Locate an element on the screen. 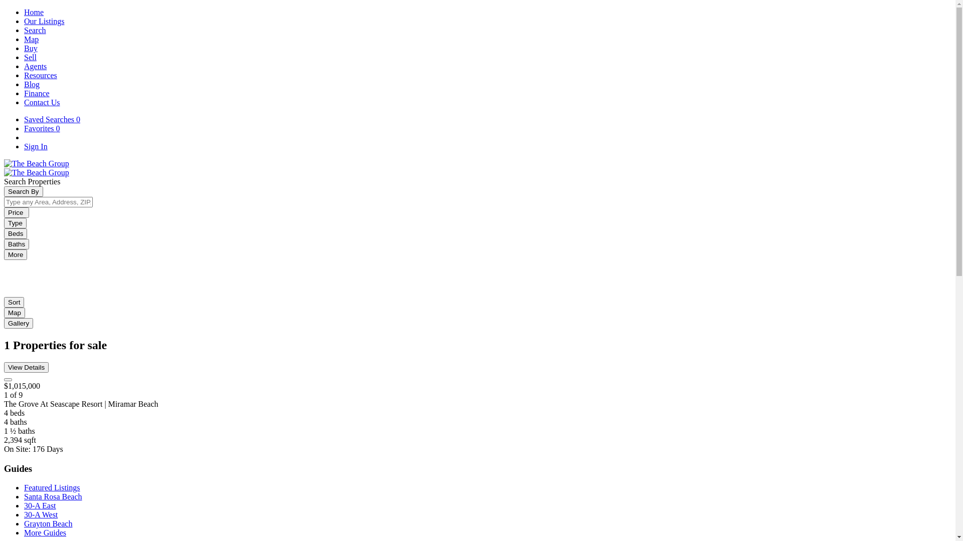 Image resolution: width=963 pixels, height=541 pixels. 'Saved Searches 0' is located at coordinates (52, 119).